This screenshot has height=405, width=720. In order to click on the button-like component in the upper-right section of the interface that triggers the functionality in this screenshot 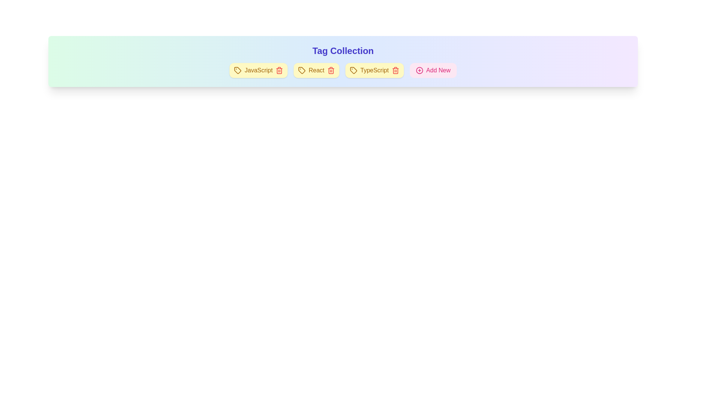, I will do `click(438, 70)`.